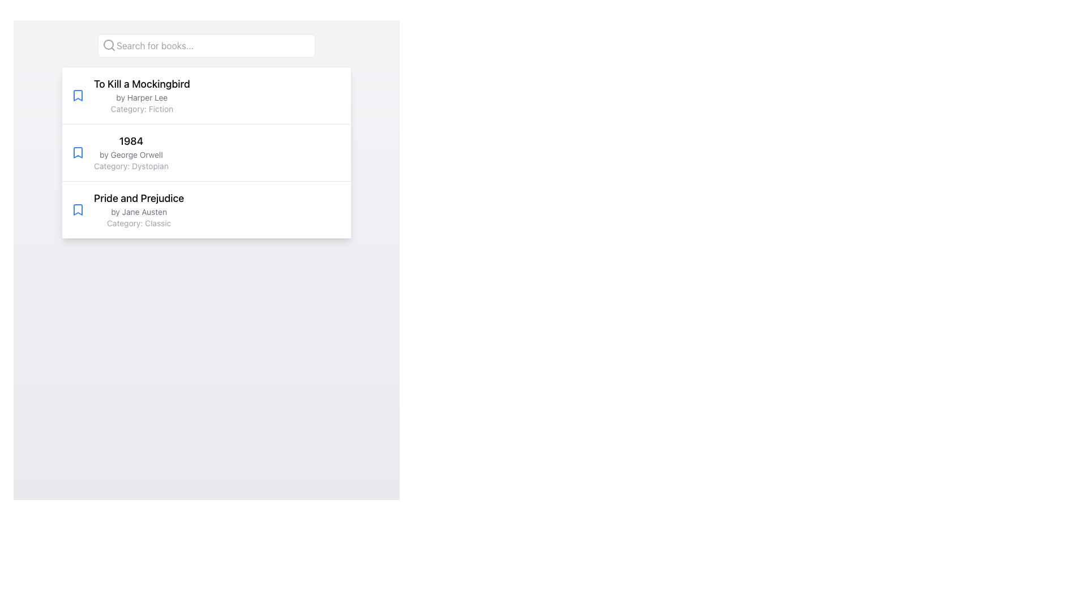 The width and height of the screenshot is (1087, 611). I want to click on the list item displaying the book '1984' by George Orwell, so click(206, 152).